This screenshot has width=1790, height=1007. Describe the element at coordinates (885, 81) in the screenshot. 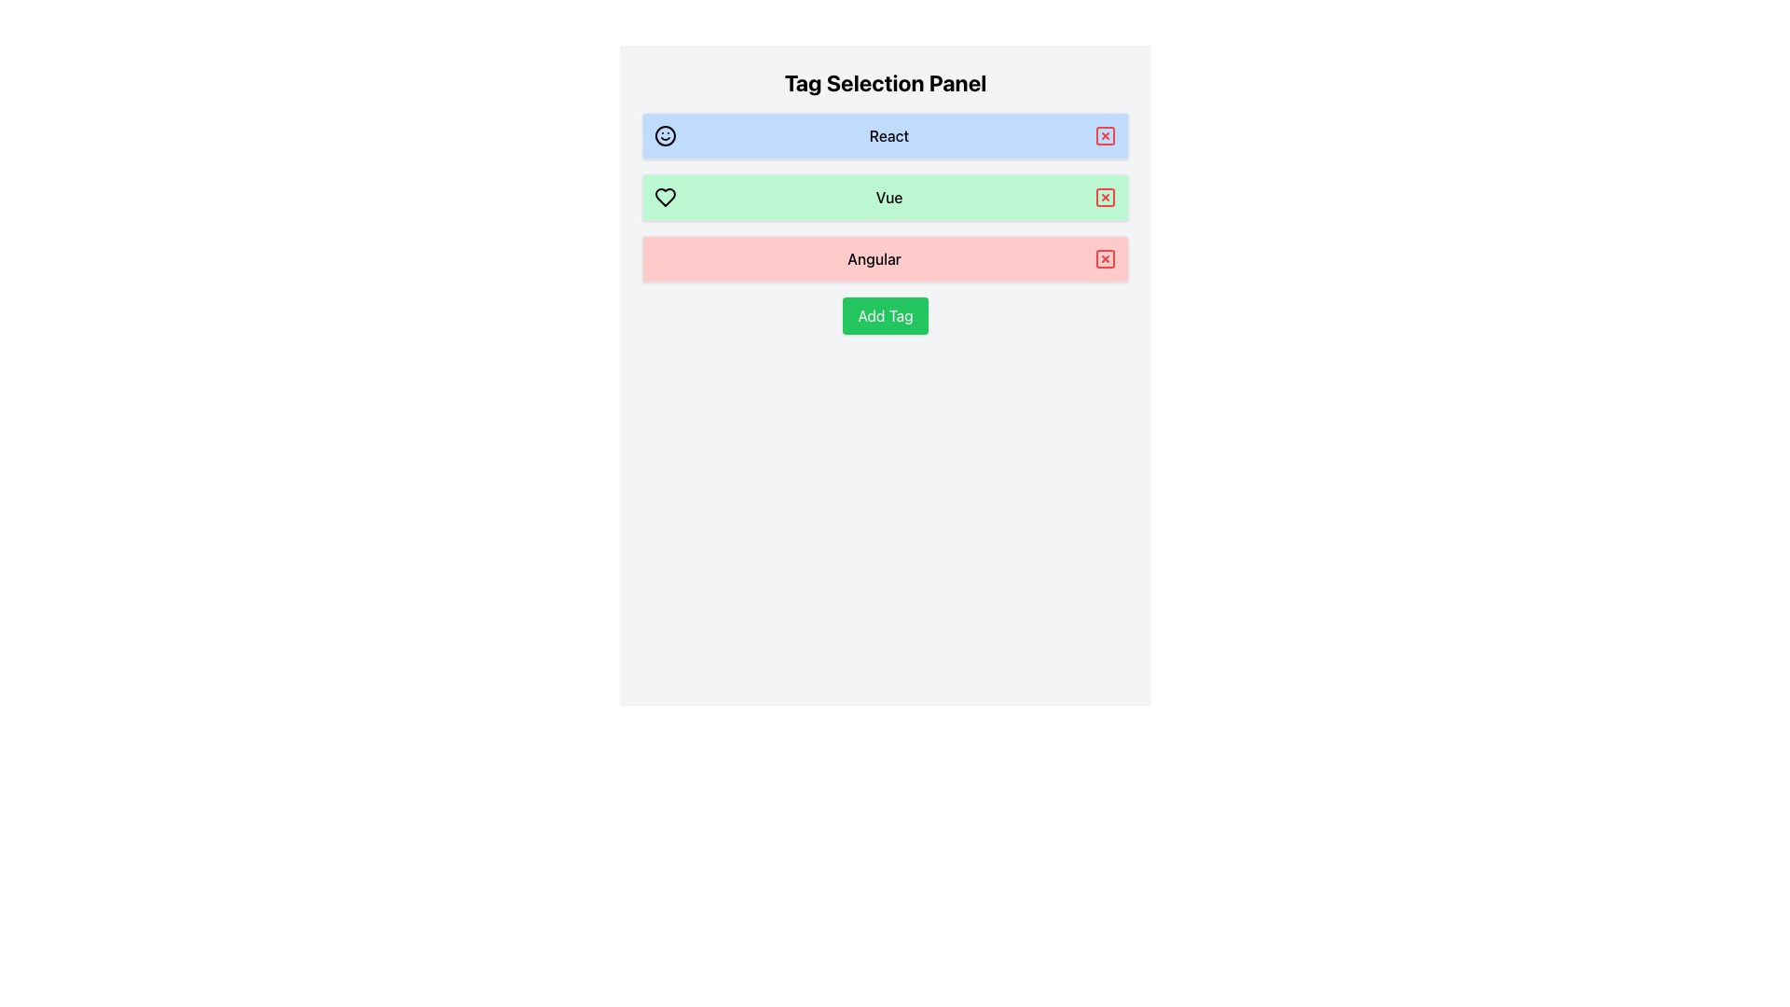

I see `the static textual label that serves as a section title, located at the top of the layout` at that location.